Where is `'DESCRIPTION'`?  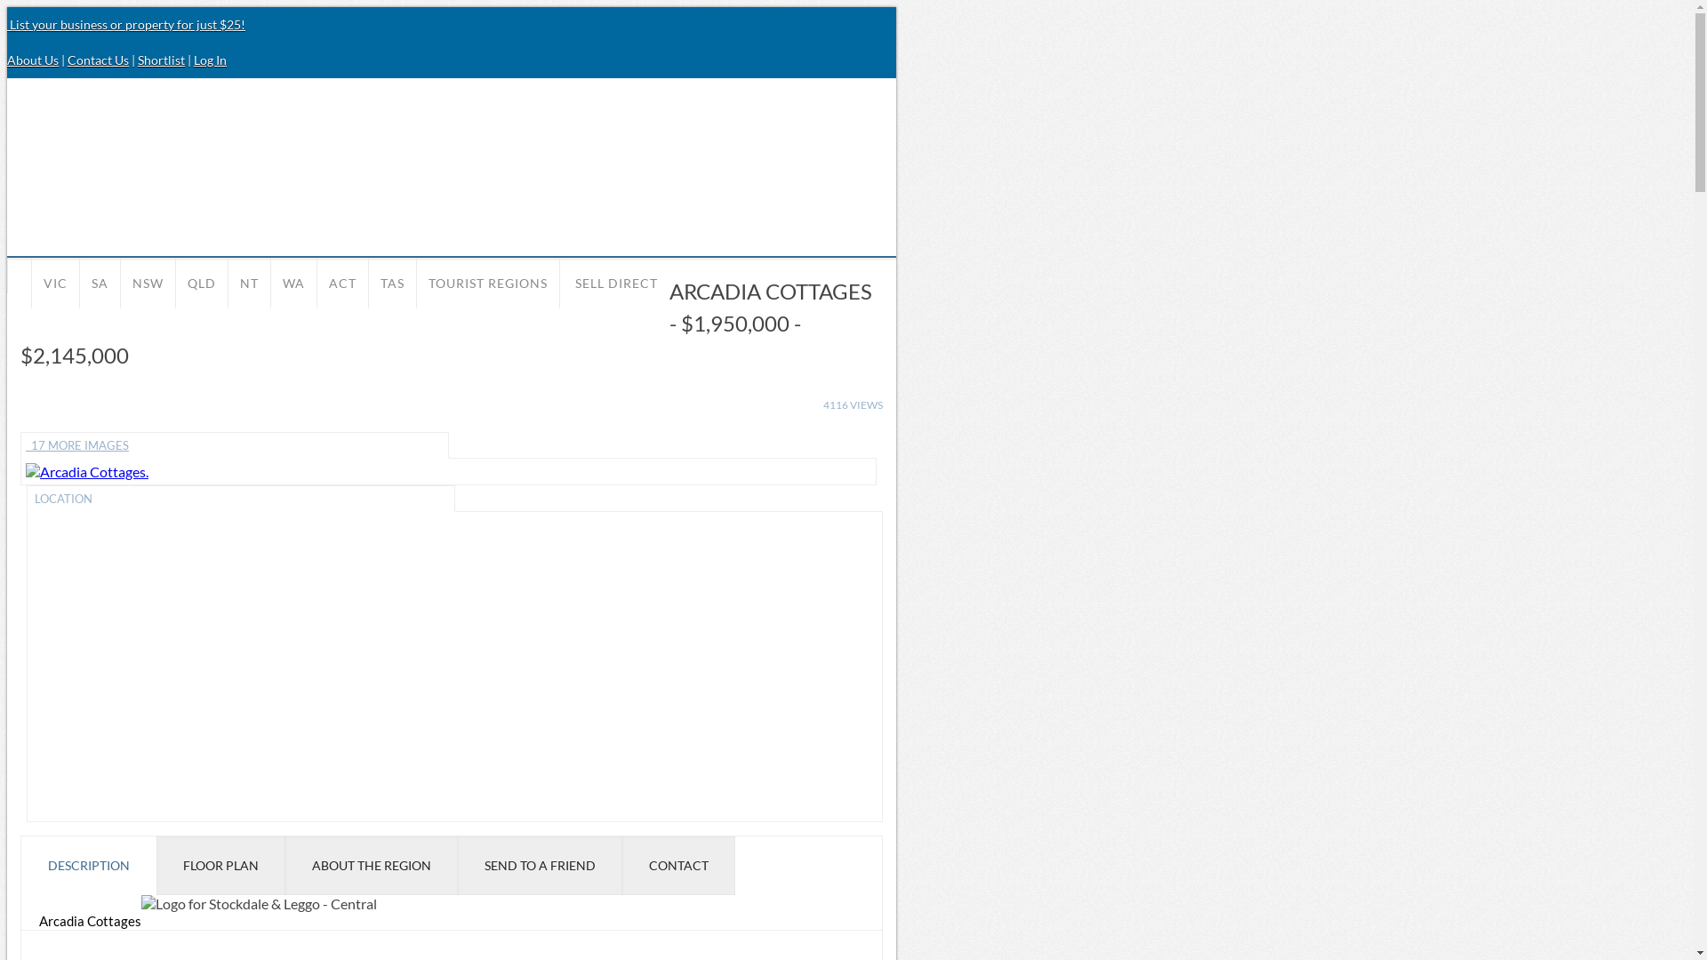
'DESCRIPTION' is located at coordinates (88, 865).